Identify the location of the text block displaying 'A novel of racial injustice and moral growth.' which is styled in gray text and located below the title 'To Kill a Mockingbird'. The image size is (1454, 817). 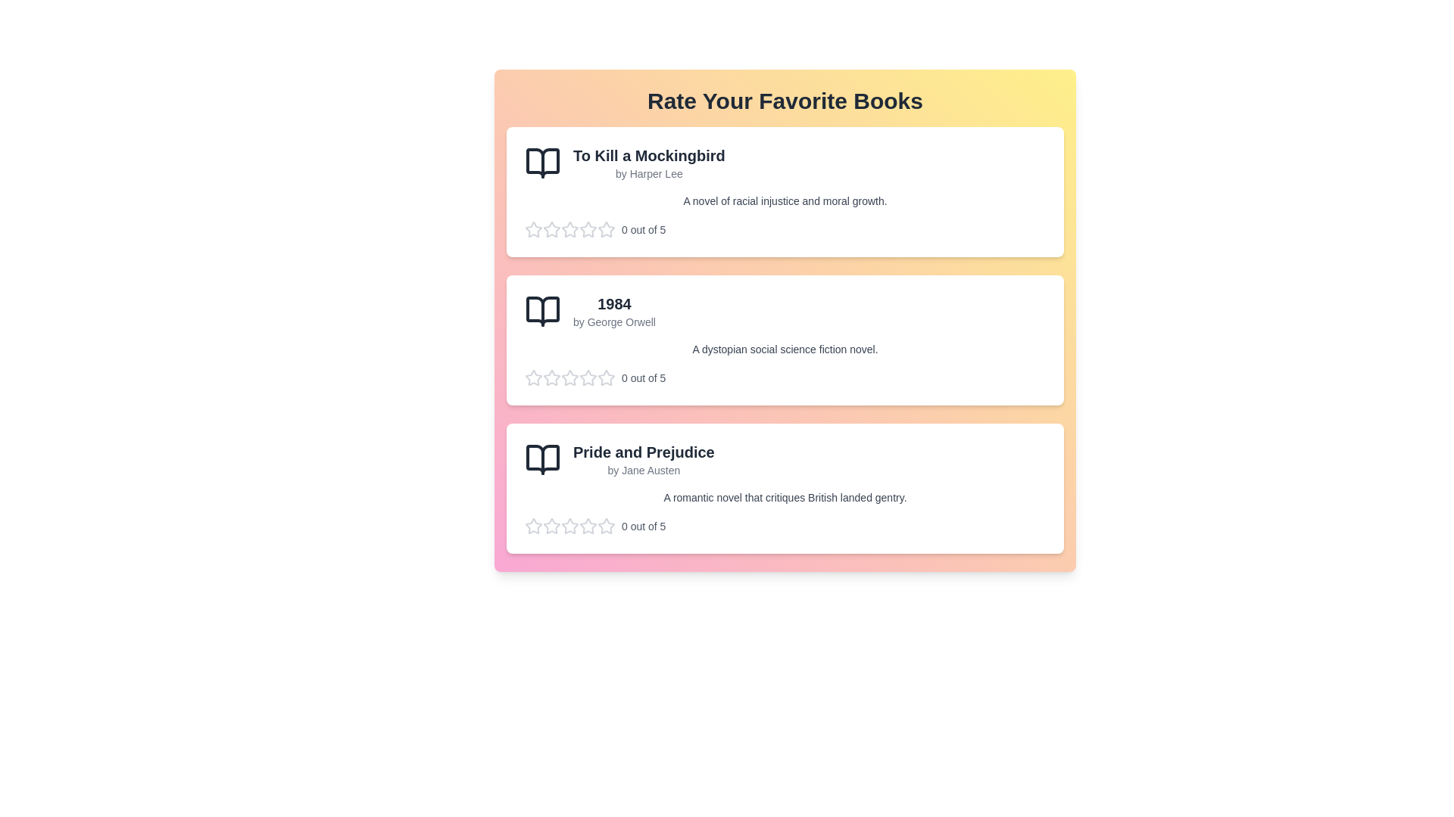
(785, 200).